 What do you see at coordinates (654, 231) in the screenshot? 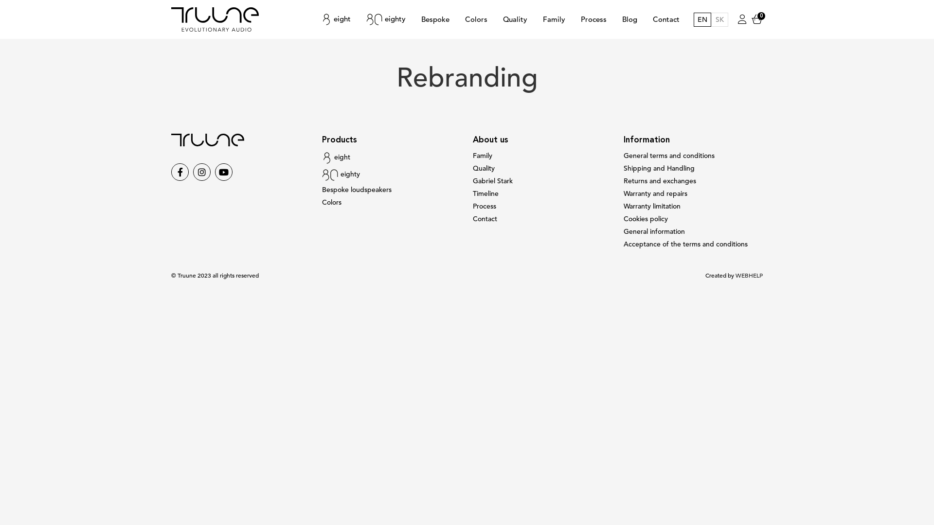
I see `'General information'` at bounding box center [654, 231].